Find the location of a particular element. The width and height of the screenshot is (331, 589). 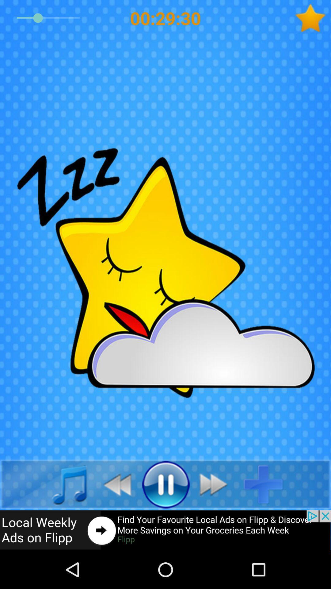

the music icon is located at coordinates (63, 484).